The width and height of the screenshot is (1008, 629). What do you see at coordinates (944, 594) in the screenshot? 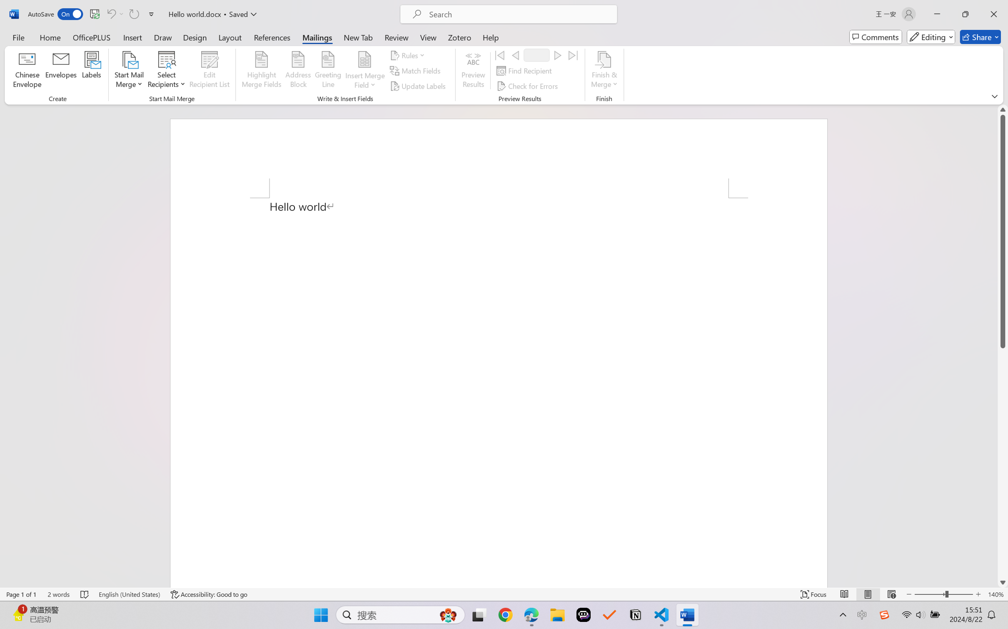
I see `'Zoom'` at bounding box center [944, 594].